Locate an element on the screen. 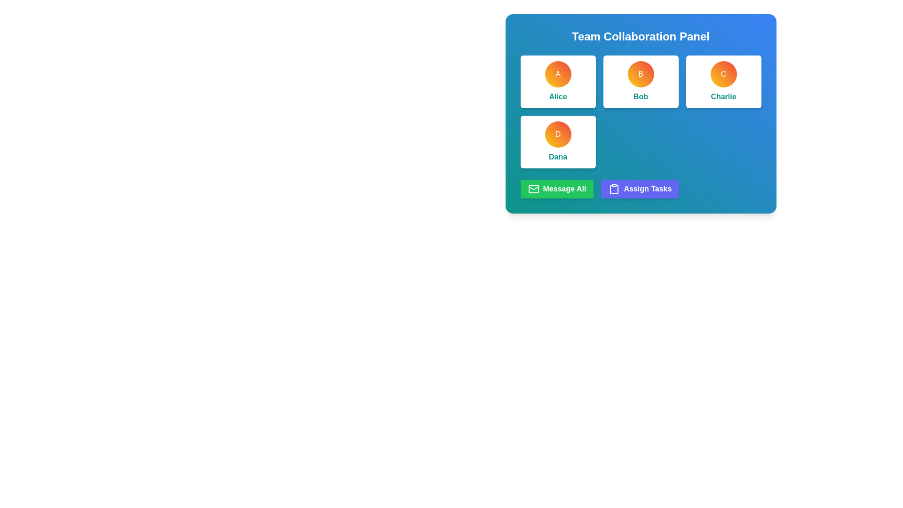 This screenshot has height=508, width=903. the circular badge labeled 'D' with a gradient color from yellow to red, which is centrally placed within the 'Dana' card in the 'Team Collaboration Panel' is located at coordinates (558, 134).